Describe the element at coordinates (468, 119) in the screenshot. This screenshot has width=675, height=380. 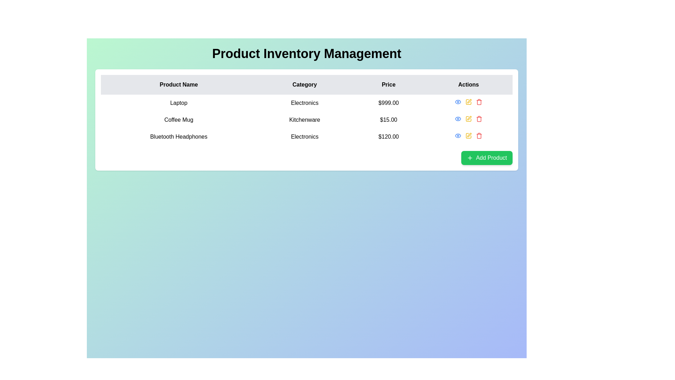
I see `the edit icon in the second row of action icons within the 'Actions' column of the table to initiate an edit action` at that location.